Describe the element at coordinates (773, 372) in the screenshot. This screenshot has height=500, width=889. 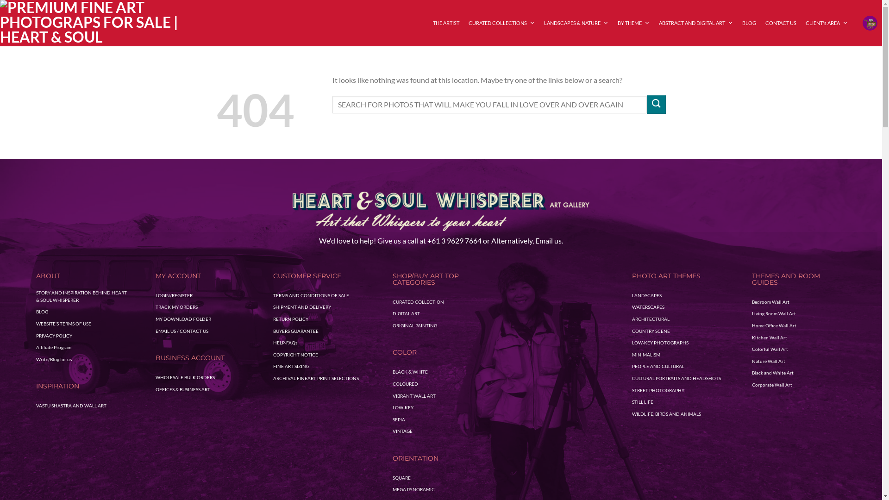
I see `'Black and White Art'` at that location.